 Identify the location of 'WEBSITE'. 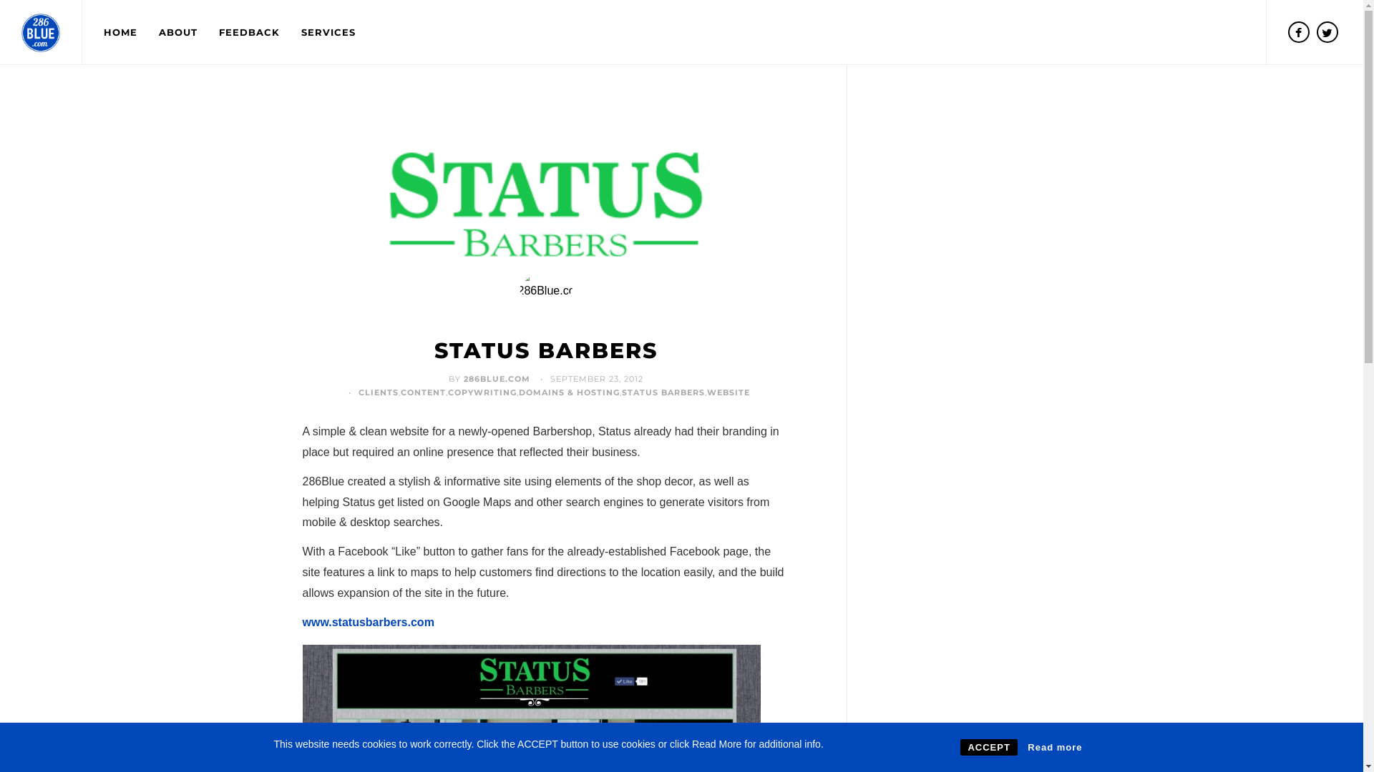
(728, 392).